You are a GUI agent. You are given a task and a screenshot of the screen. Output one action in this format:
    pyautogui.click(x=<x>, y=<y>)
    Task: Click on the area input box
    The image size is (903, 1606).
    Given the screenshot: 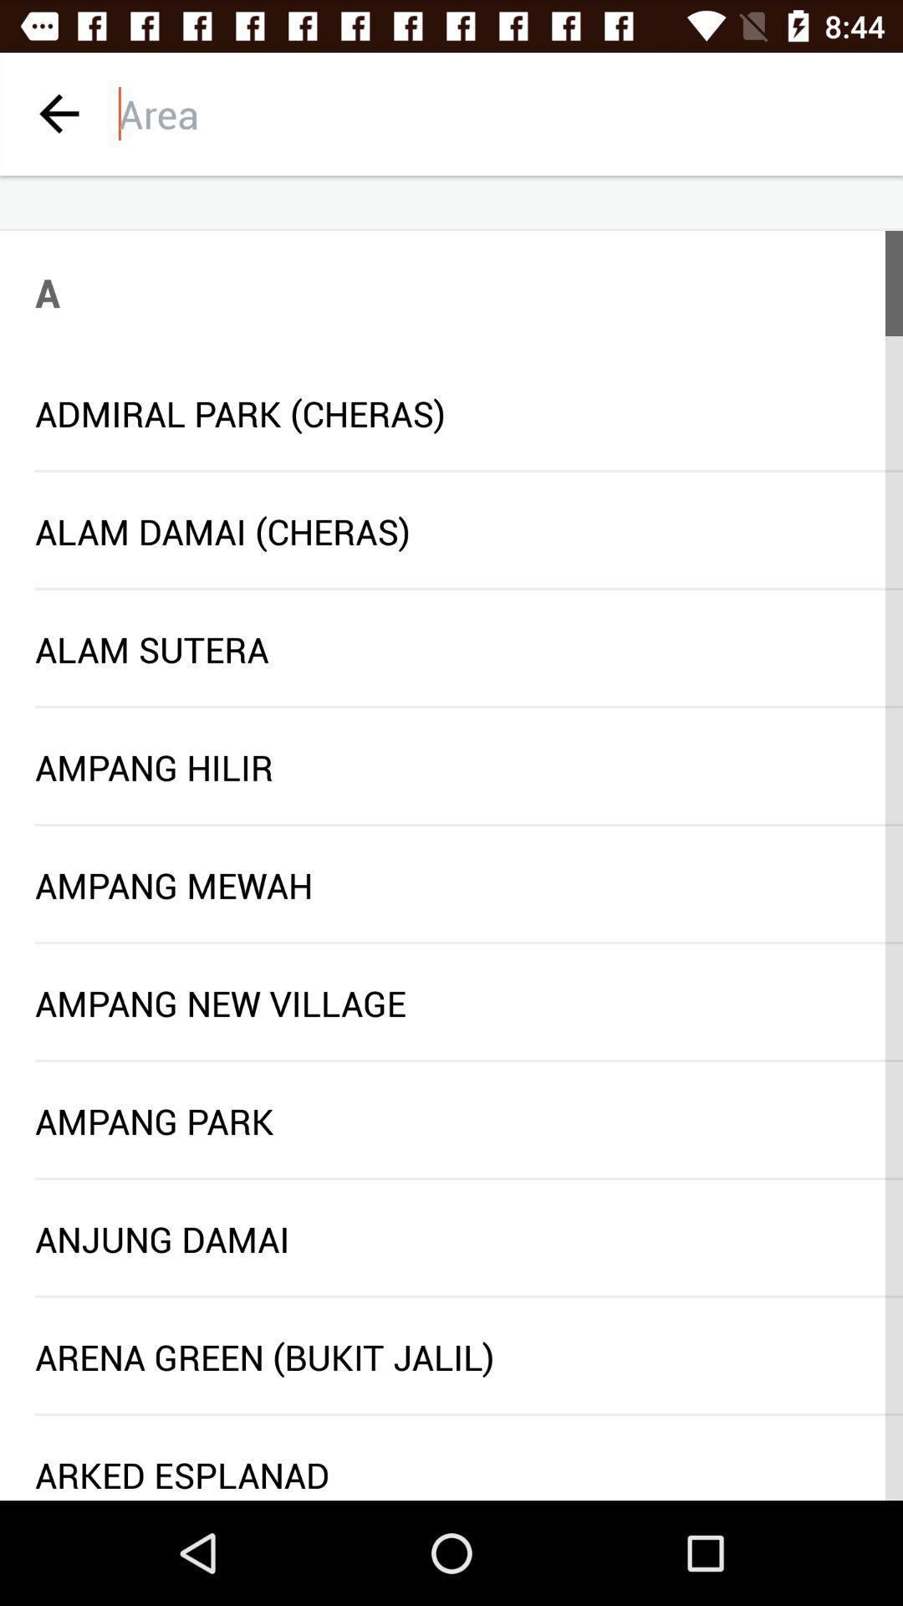 What is the action you would take?
    pyautogui.click(x=509, y=113)
    